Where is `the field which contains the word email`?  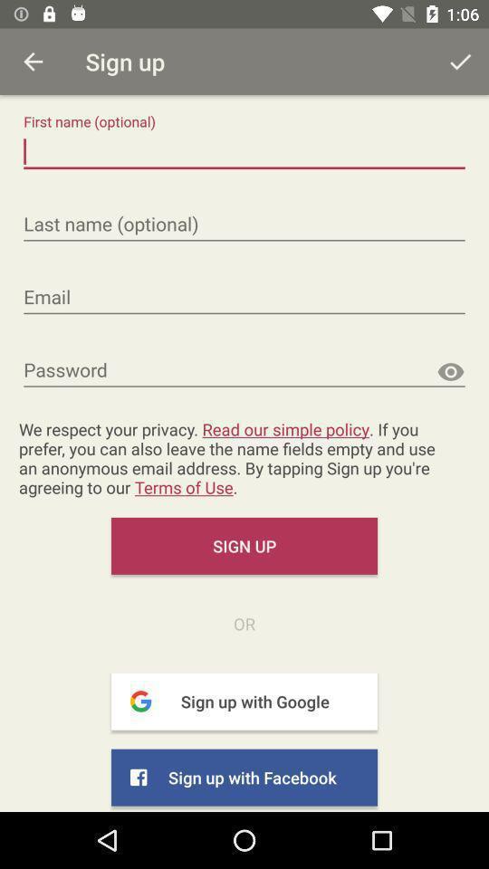
the field which contains the word email is located at coordinates (244, 298).